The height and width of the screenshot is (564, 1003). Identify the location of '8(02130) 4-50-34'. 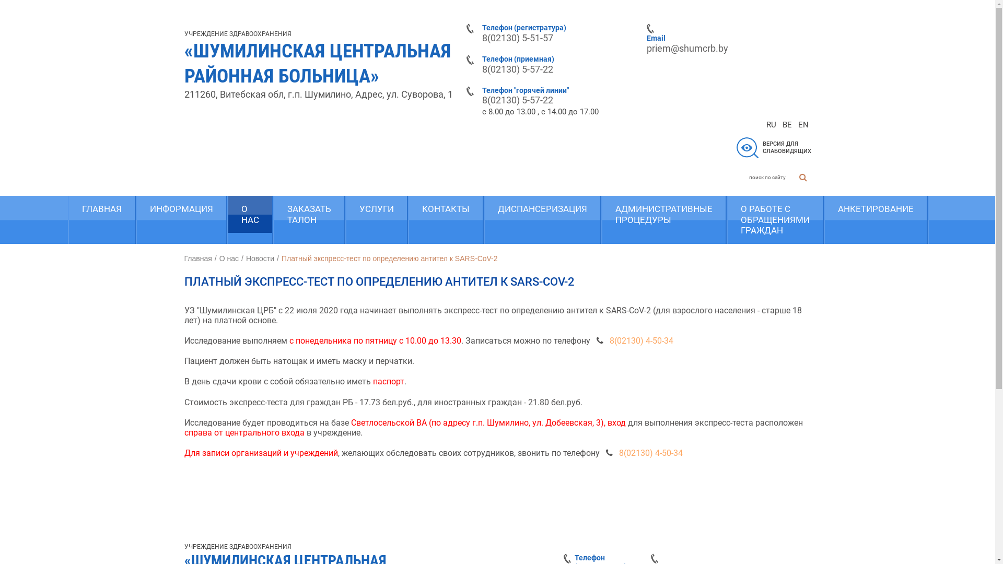
(640, 340).